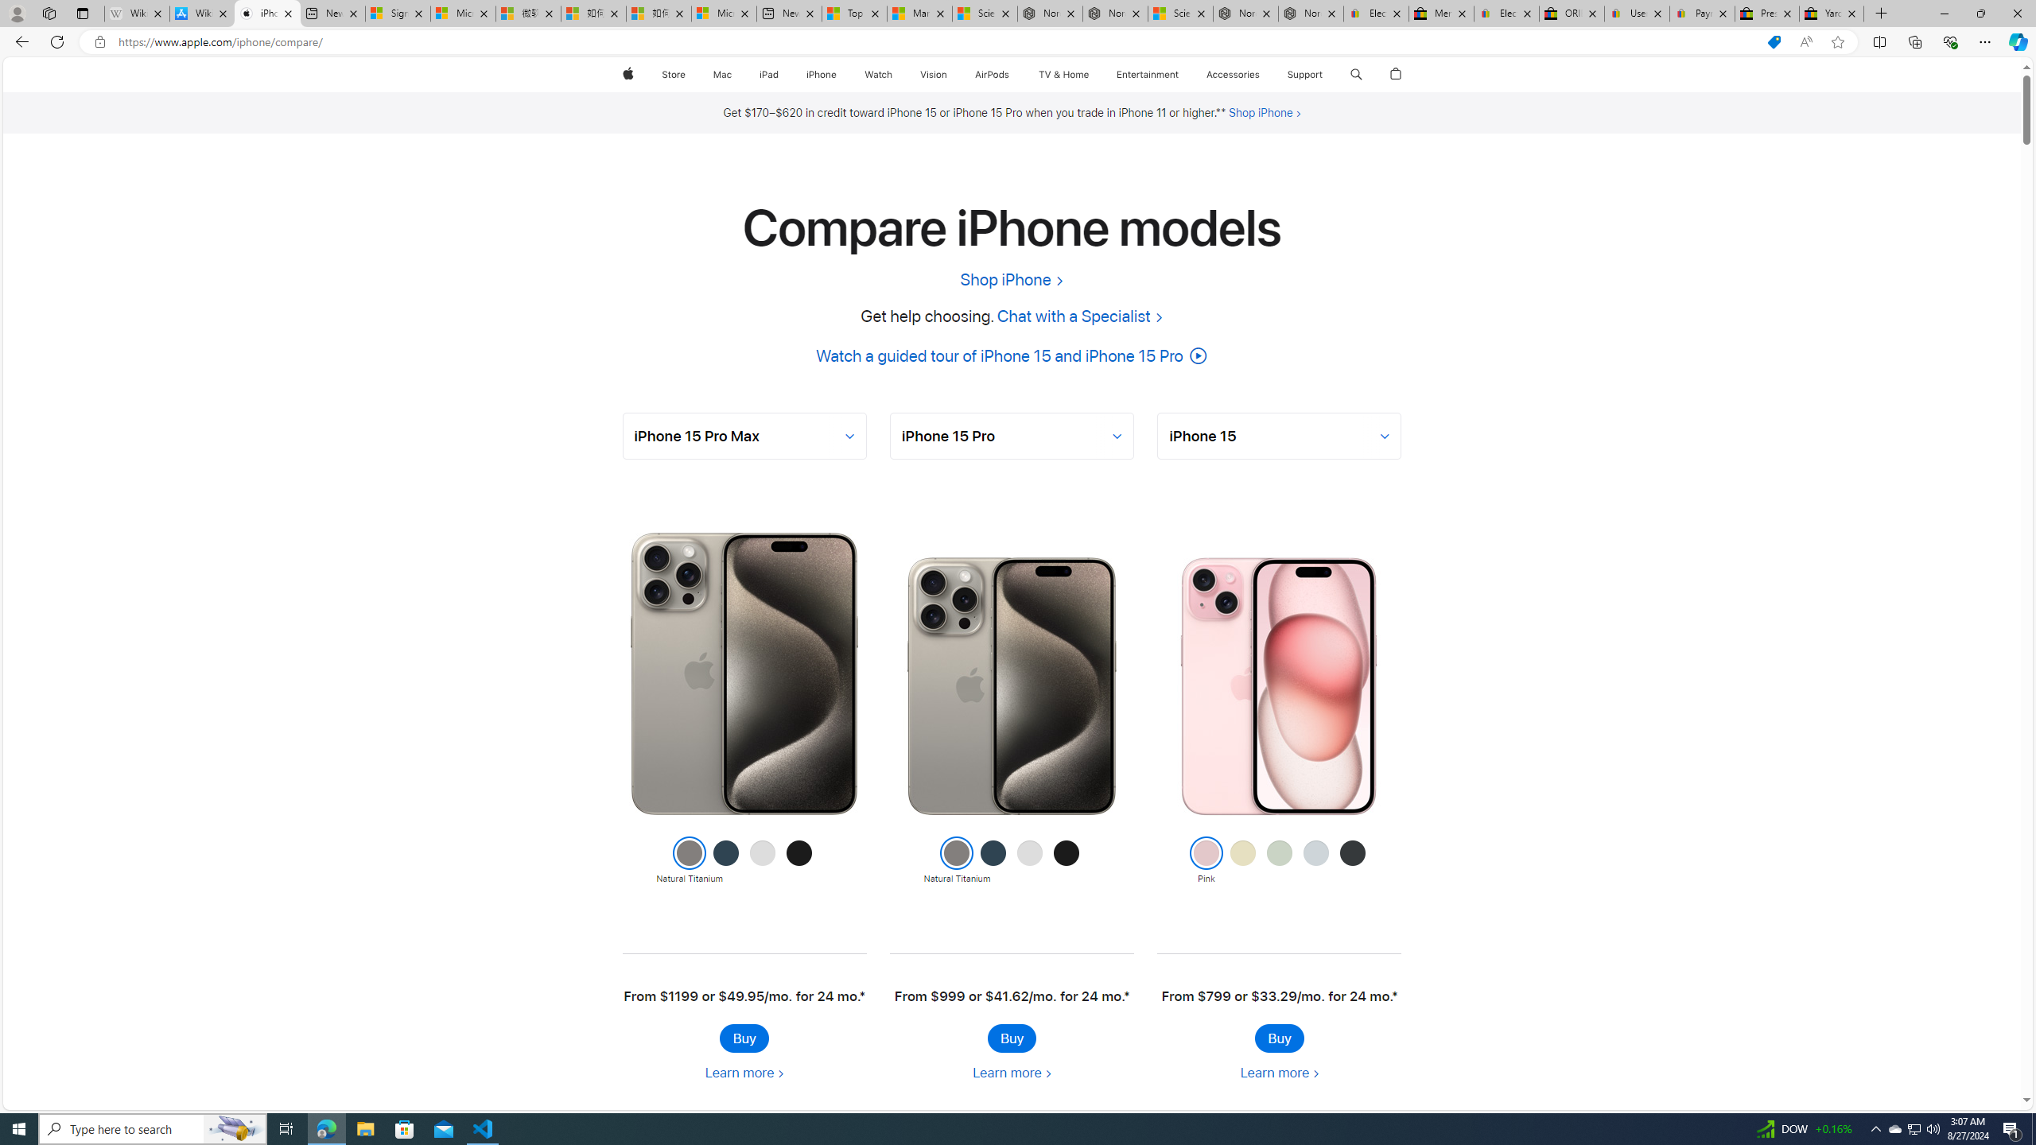  I want to click on 'Support', so click(1304, 74).